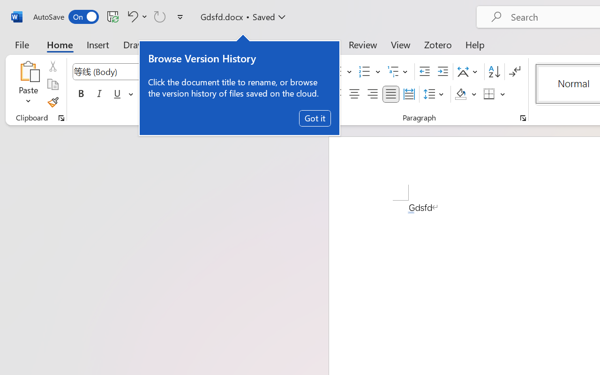  What do you see at coordinates (99, 94) in the screenshot?
I see `'Italic'` at bounding box center [99, 94].